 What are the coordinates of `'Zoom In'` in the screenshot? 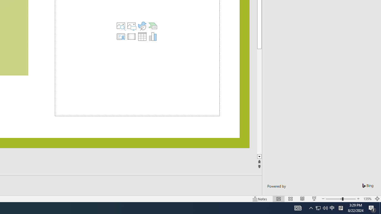 It's located at (358, 199).